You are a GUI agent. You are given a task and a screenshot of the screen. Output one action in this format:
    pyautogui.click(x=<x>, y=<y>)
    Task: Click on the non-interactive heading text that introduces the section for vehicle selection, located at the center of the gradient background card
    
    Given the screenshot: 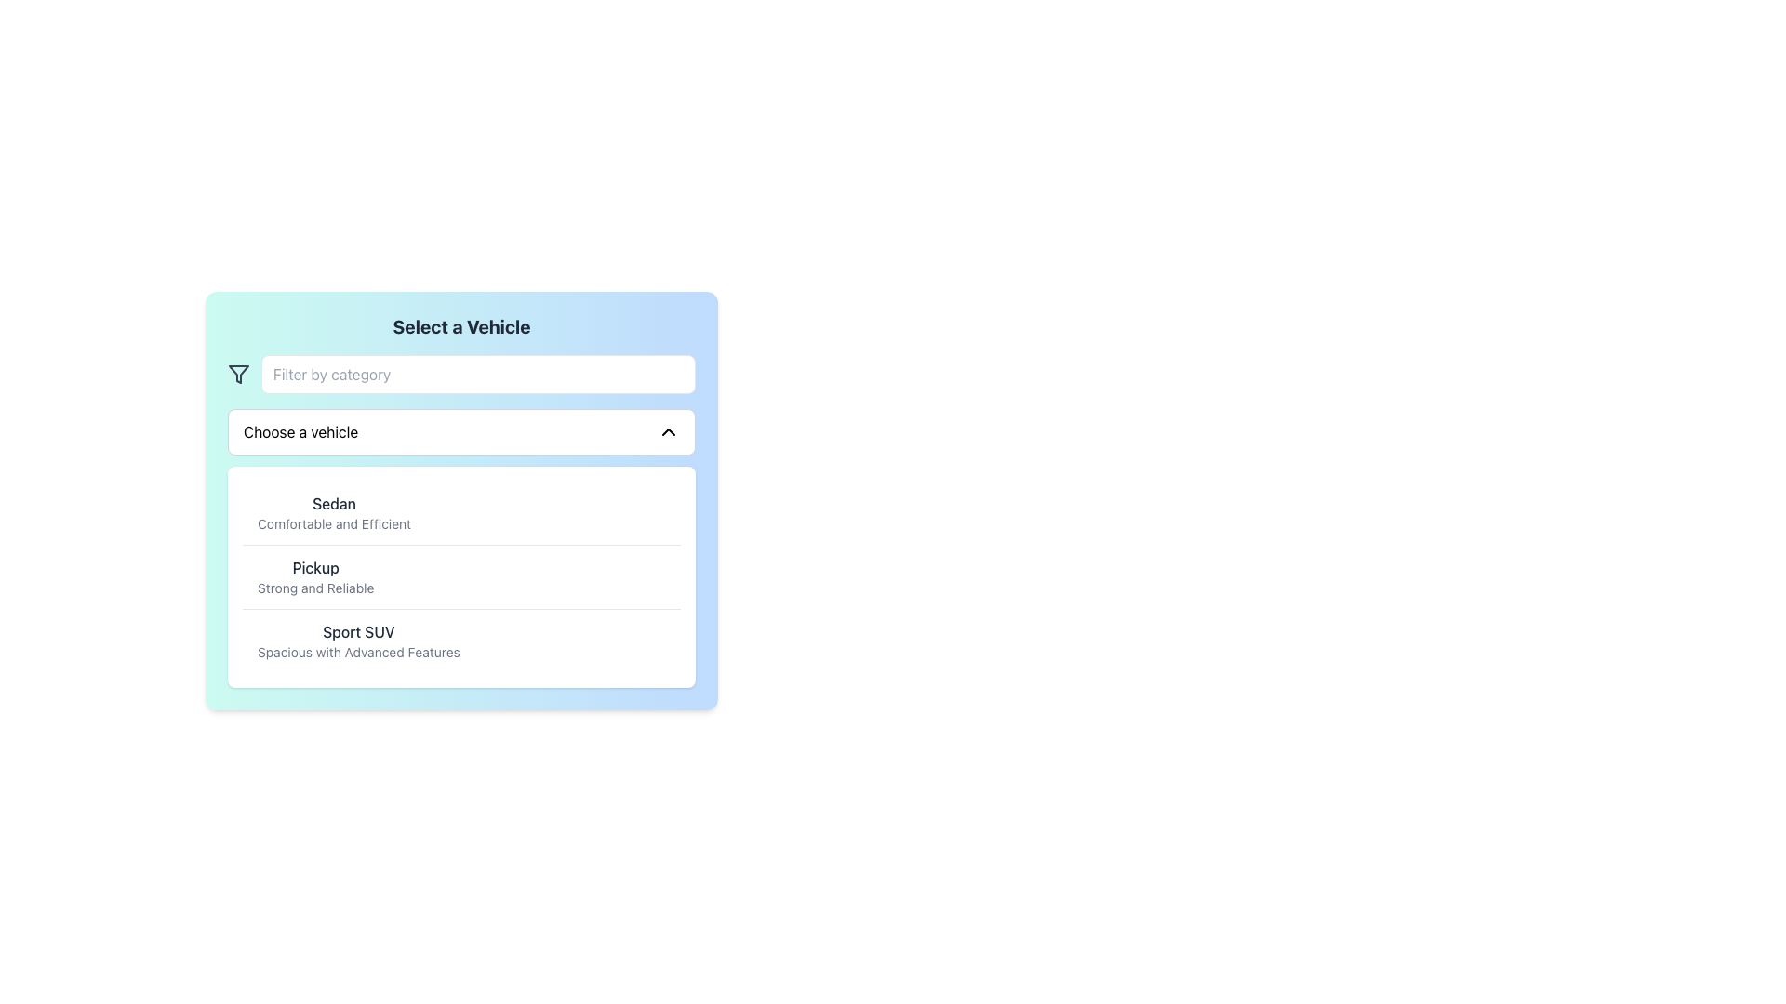 What is the action you would take?
    pyautogui.click(x=461, y=325)
    